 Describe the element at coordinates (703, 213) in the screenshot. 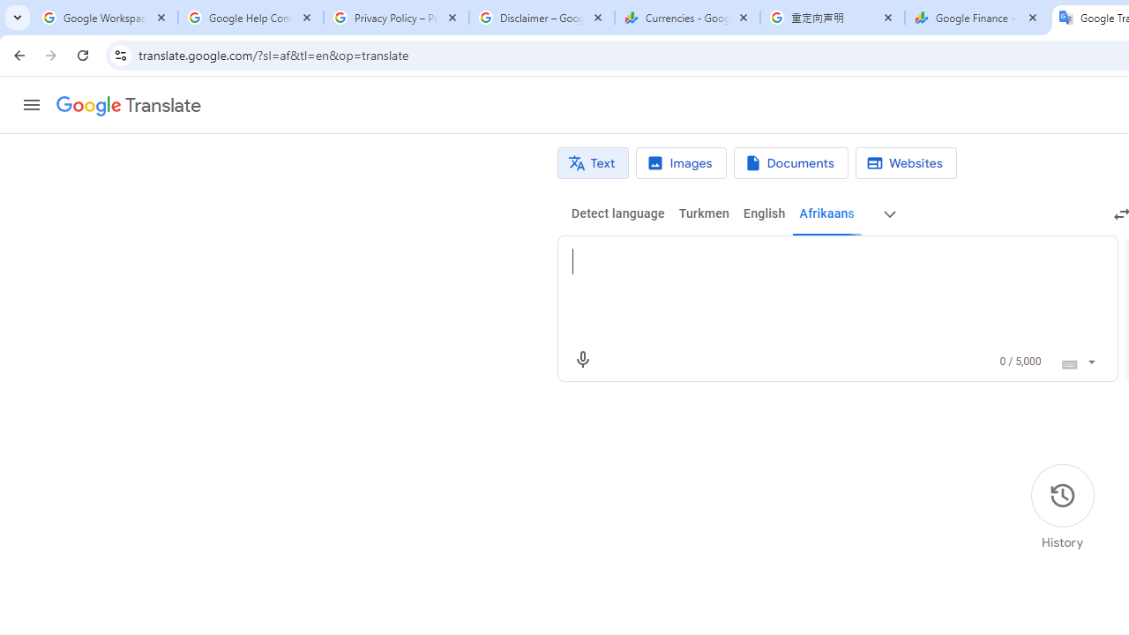

I see `'Turkmen'` at that location.